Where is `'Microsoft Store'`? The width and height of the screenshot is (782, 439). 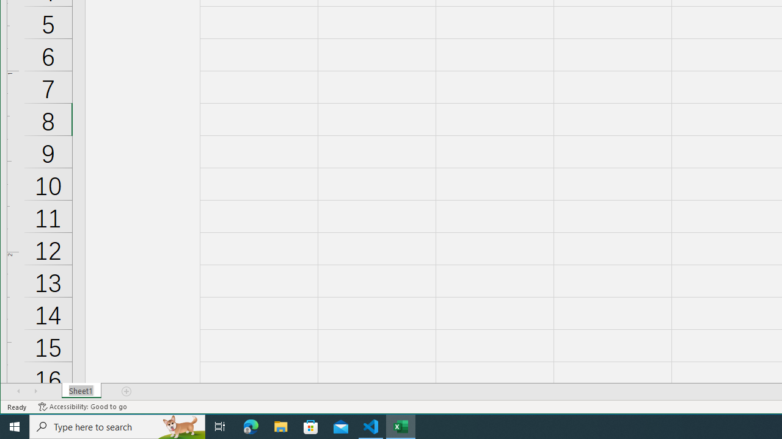
'Microsoft Store' is located at coordinates (311, 426).